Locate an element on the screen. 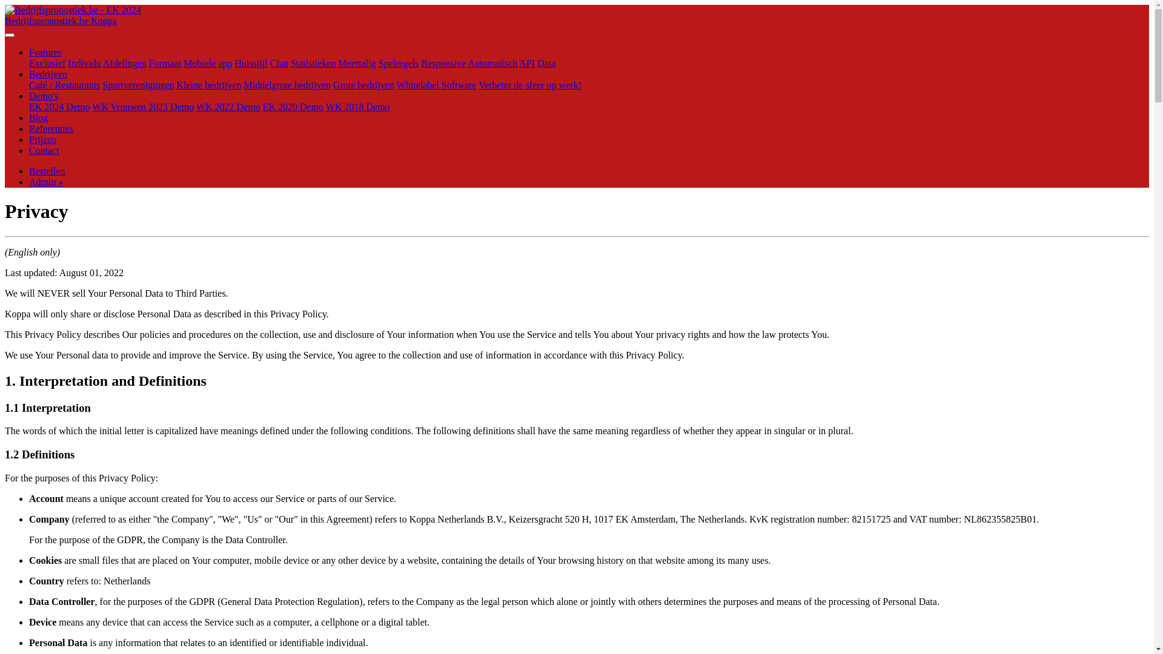 Image resolution: width=1163 pixels, height=654 pixels. 'Grote bedrijven' is located at coordinates (363, 84).